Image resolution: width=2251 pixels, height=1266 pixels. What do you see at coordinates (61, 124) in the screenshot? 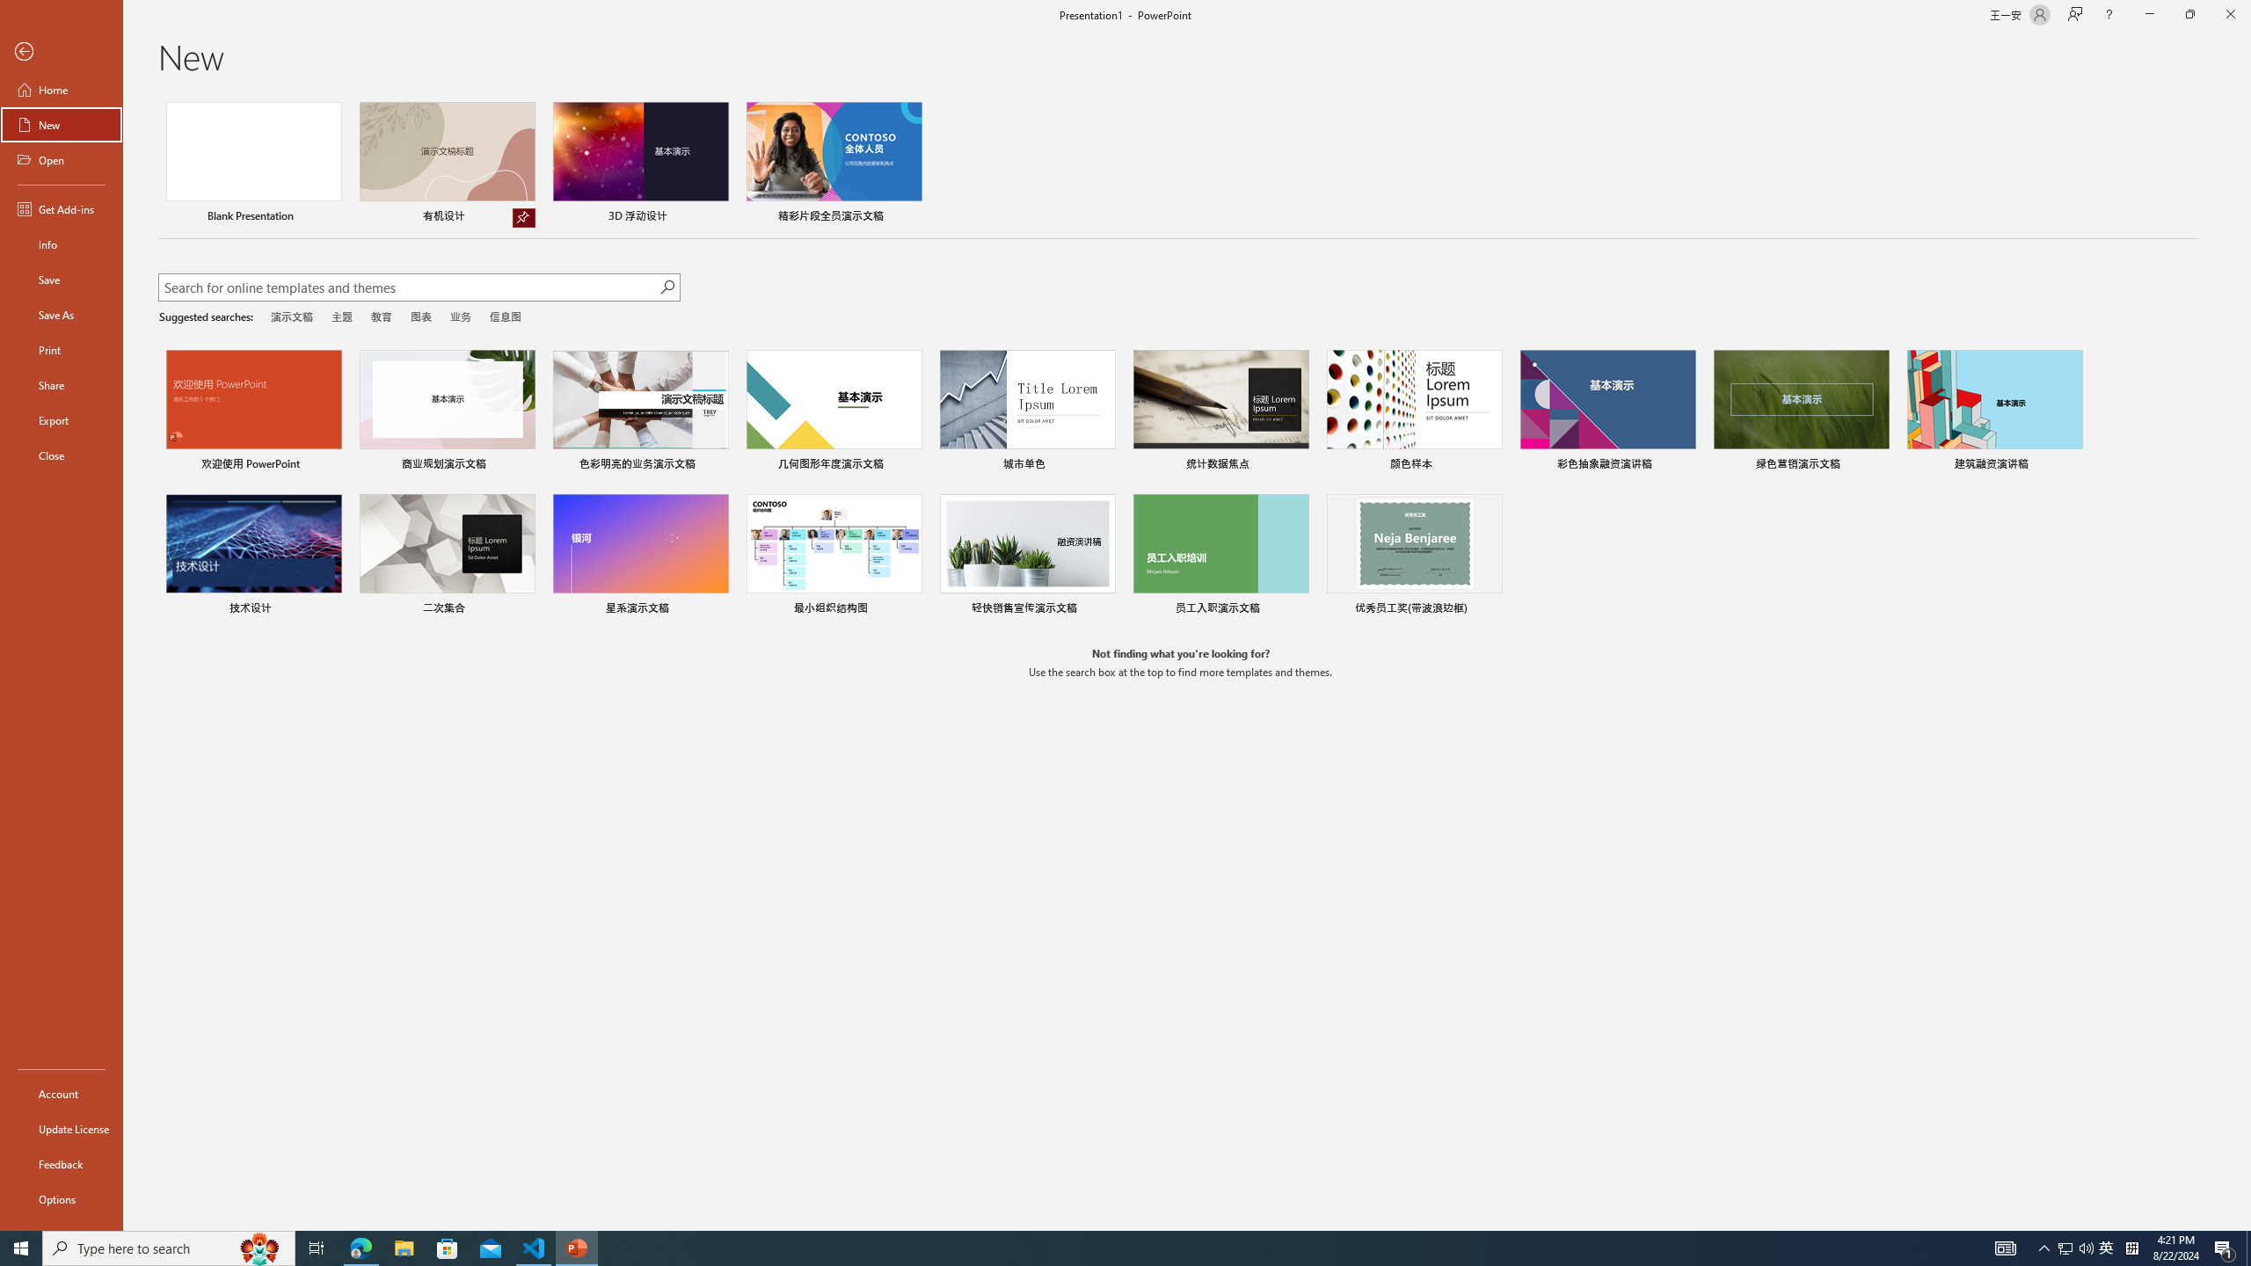
I see `'New'` at bounding box center [61, 124].